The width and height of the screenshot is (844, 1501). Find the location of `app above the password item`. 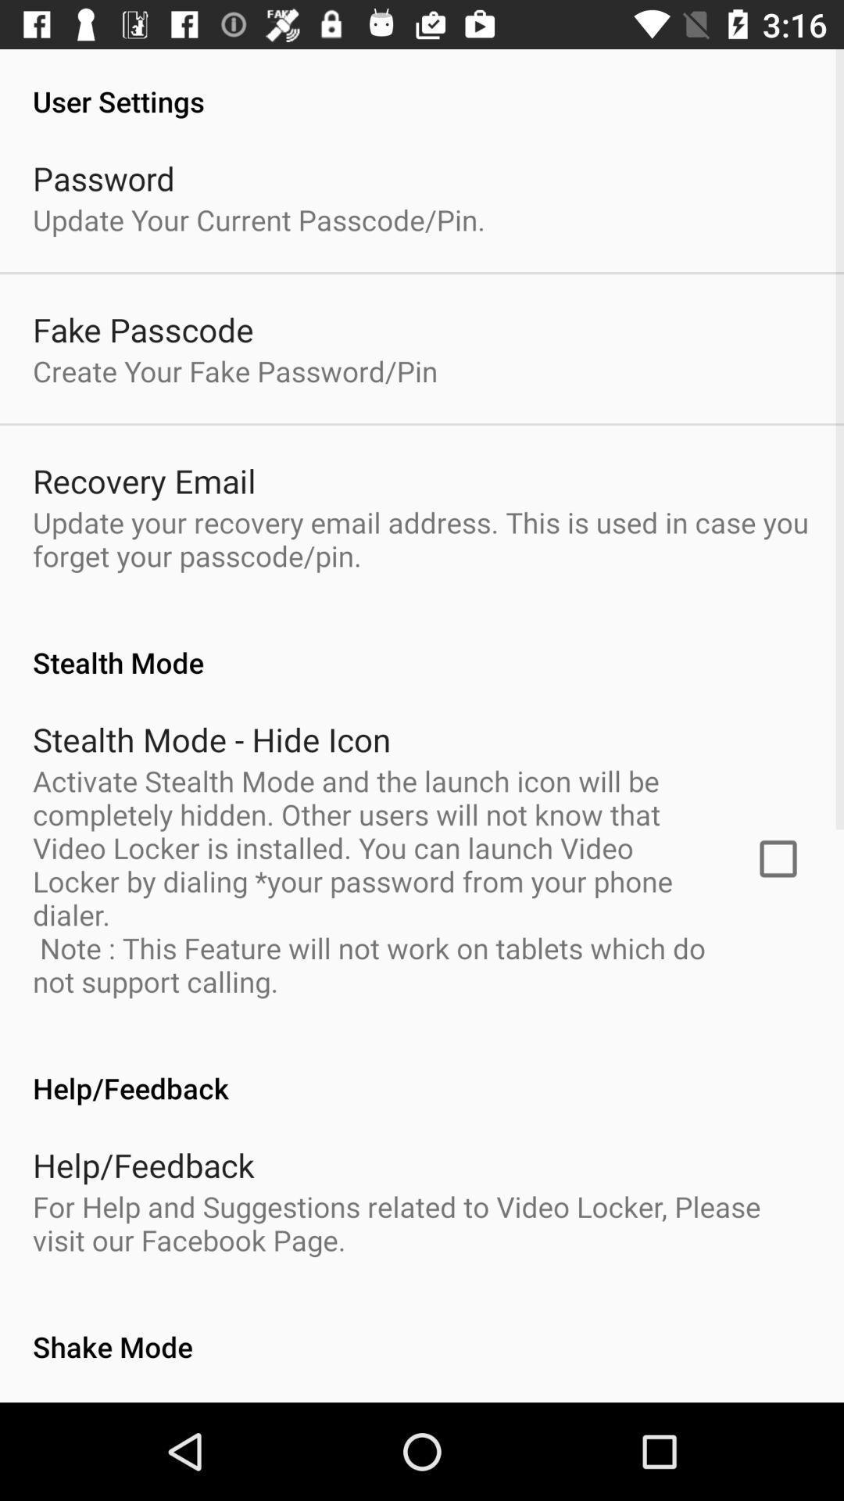

app above the password item is located at coordinates (422, 84).